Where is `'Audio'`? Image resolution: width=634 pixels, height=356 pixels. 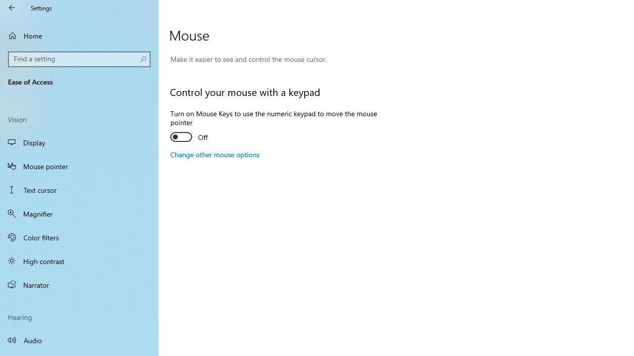
'Audio' is located at coordinates (79, 339).